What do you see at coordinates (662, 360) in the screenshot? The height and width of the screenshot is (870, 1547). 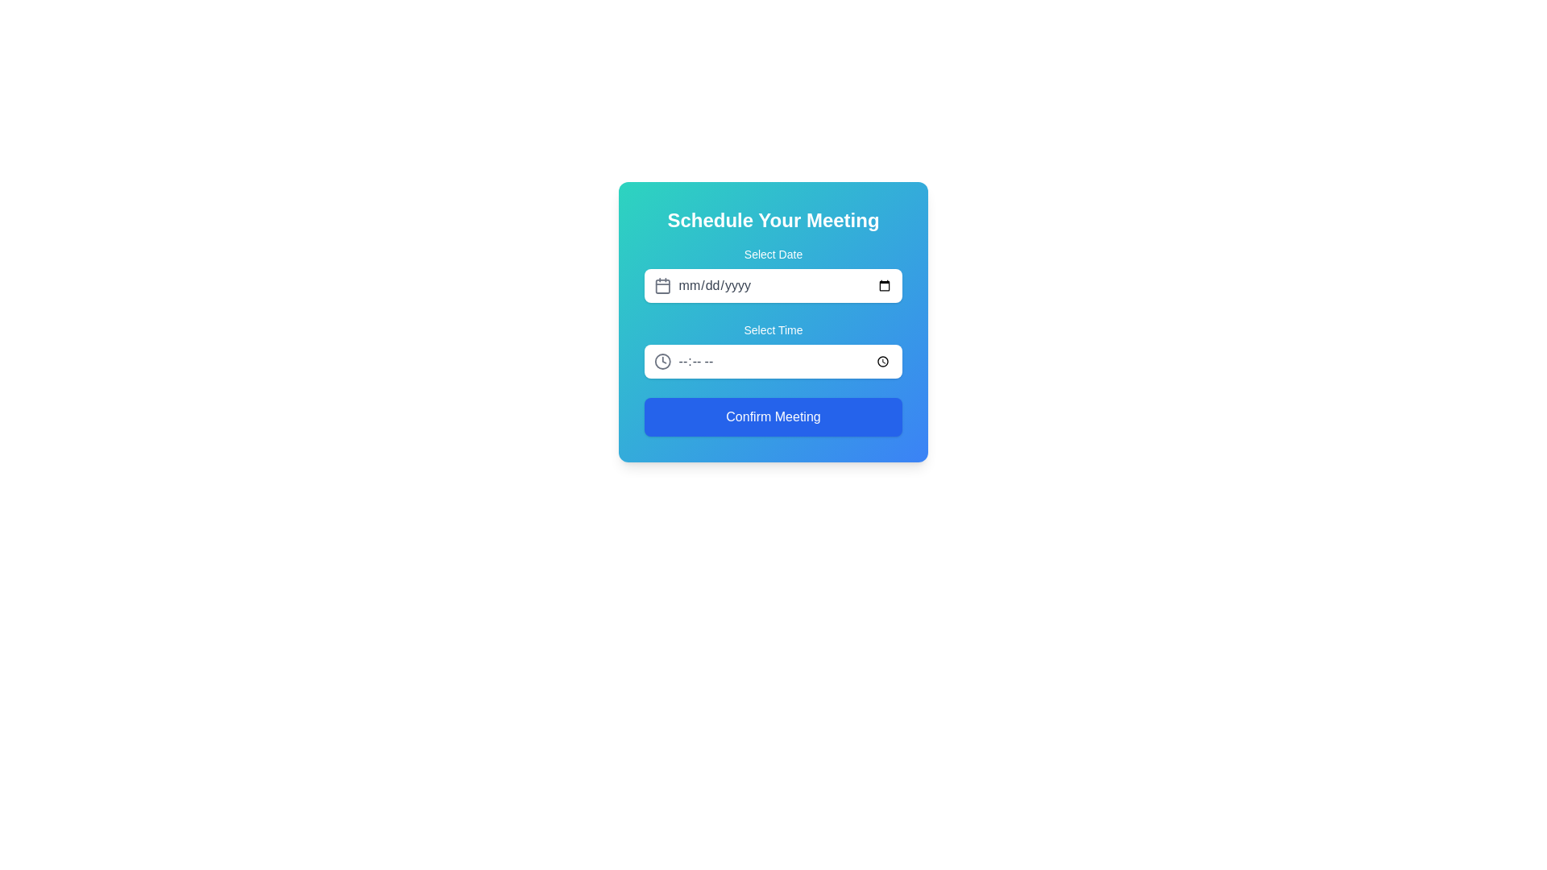 I see `the circular SVG graphic that represents a clock face, located at the beginning of the 'Select Time' input field` at bounding box center [662, 360].